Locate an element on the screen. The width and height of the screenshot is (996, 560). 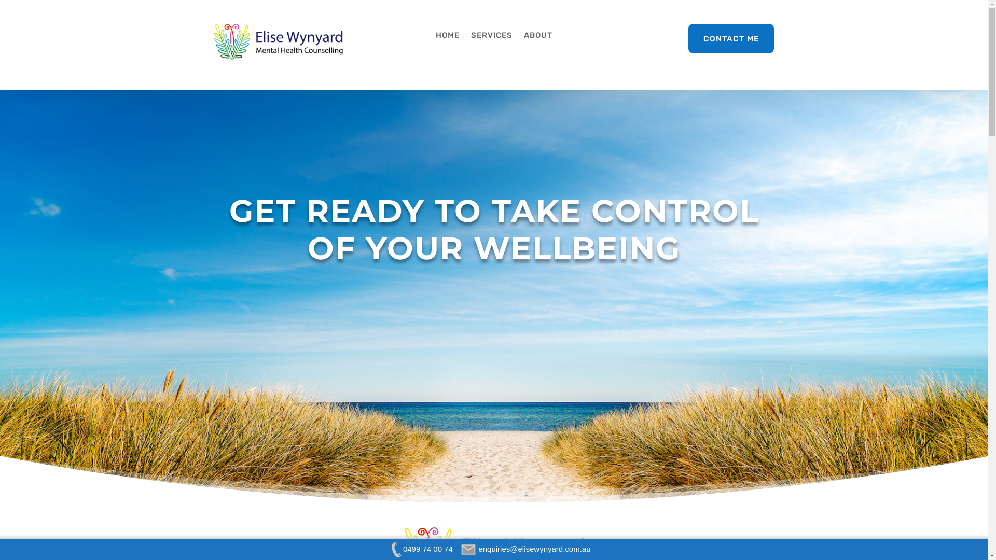
'HOME' is located at coordinates (448, 37).